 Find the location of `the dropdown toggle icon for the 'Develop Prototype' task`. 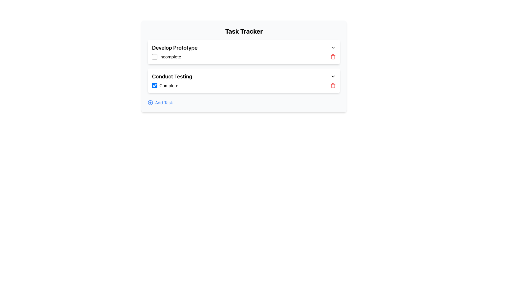

the dropdown toggle icon for the 'Develop Prototype' task is located at coordinates (333, 47).